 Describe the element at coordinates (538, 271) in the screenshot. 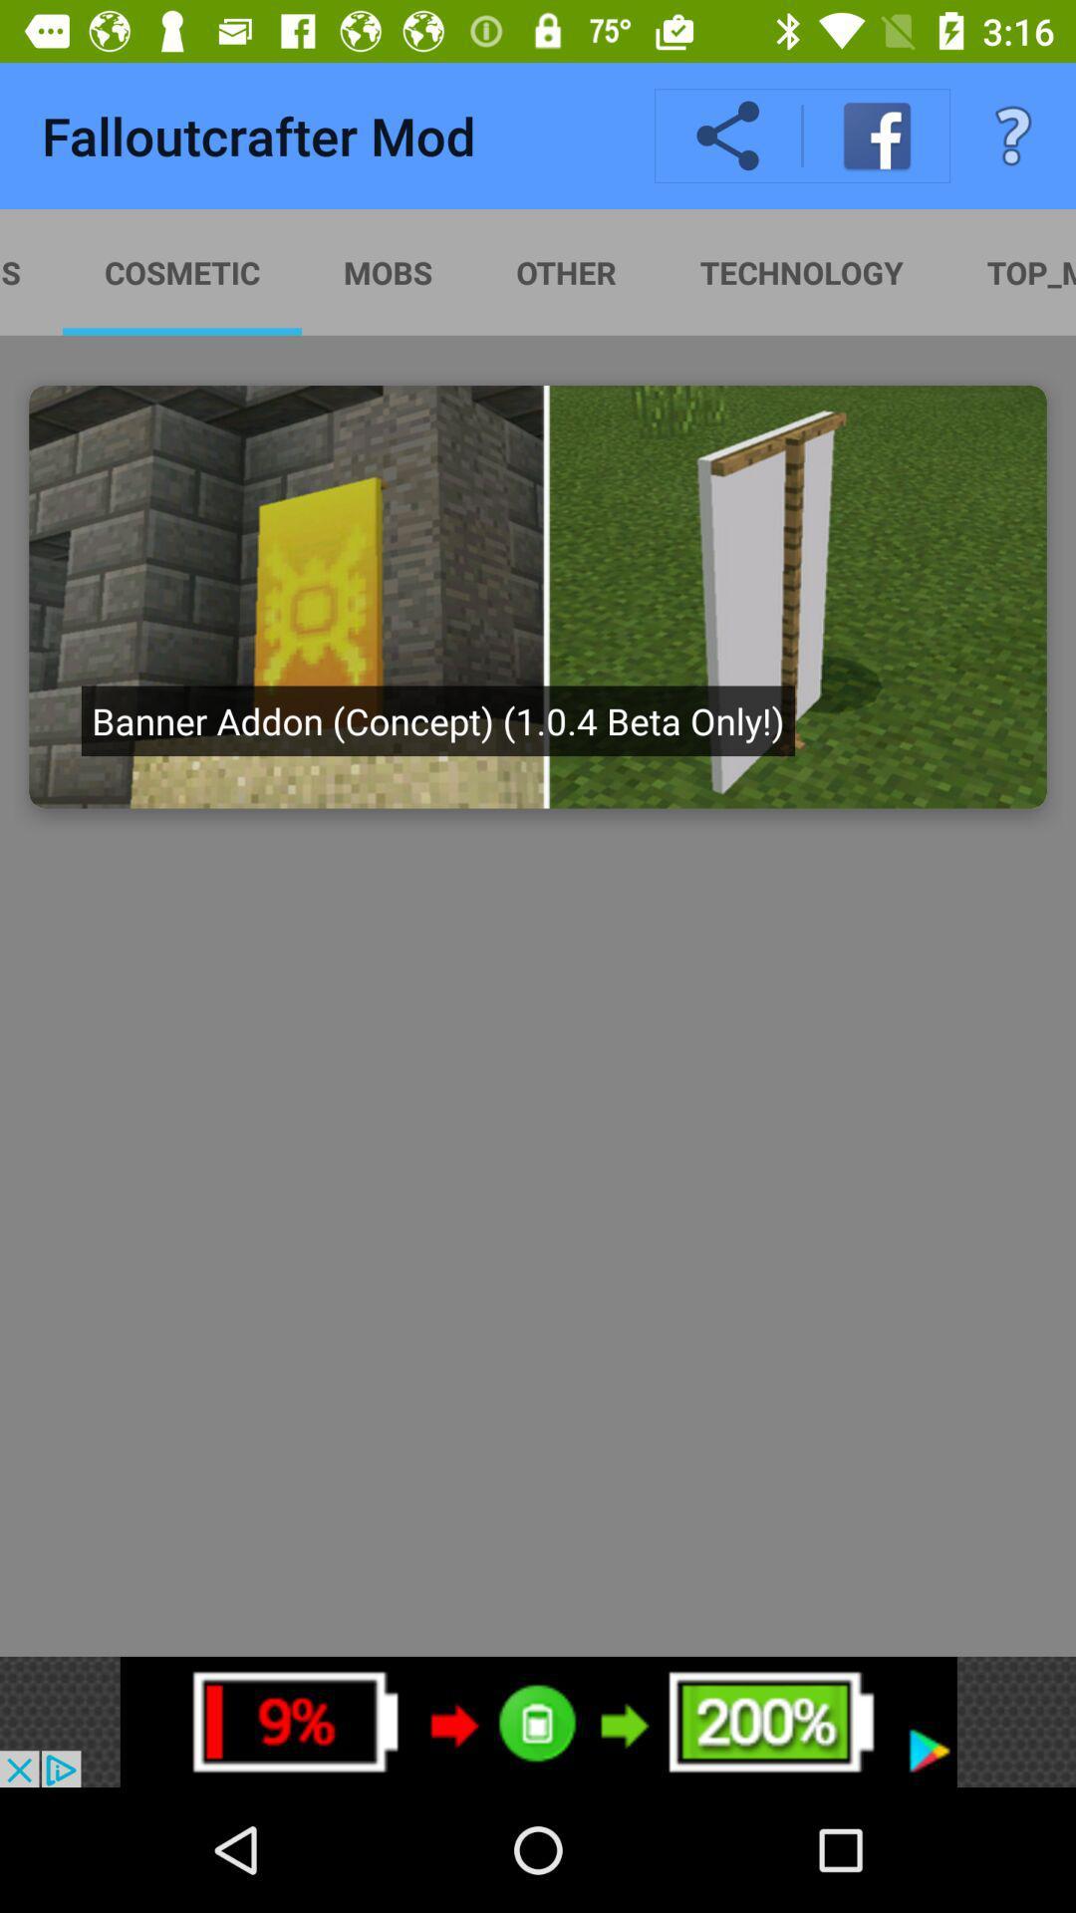

I see `the option to the left of the option mobs` at that location.